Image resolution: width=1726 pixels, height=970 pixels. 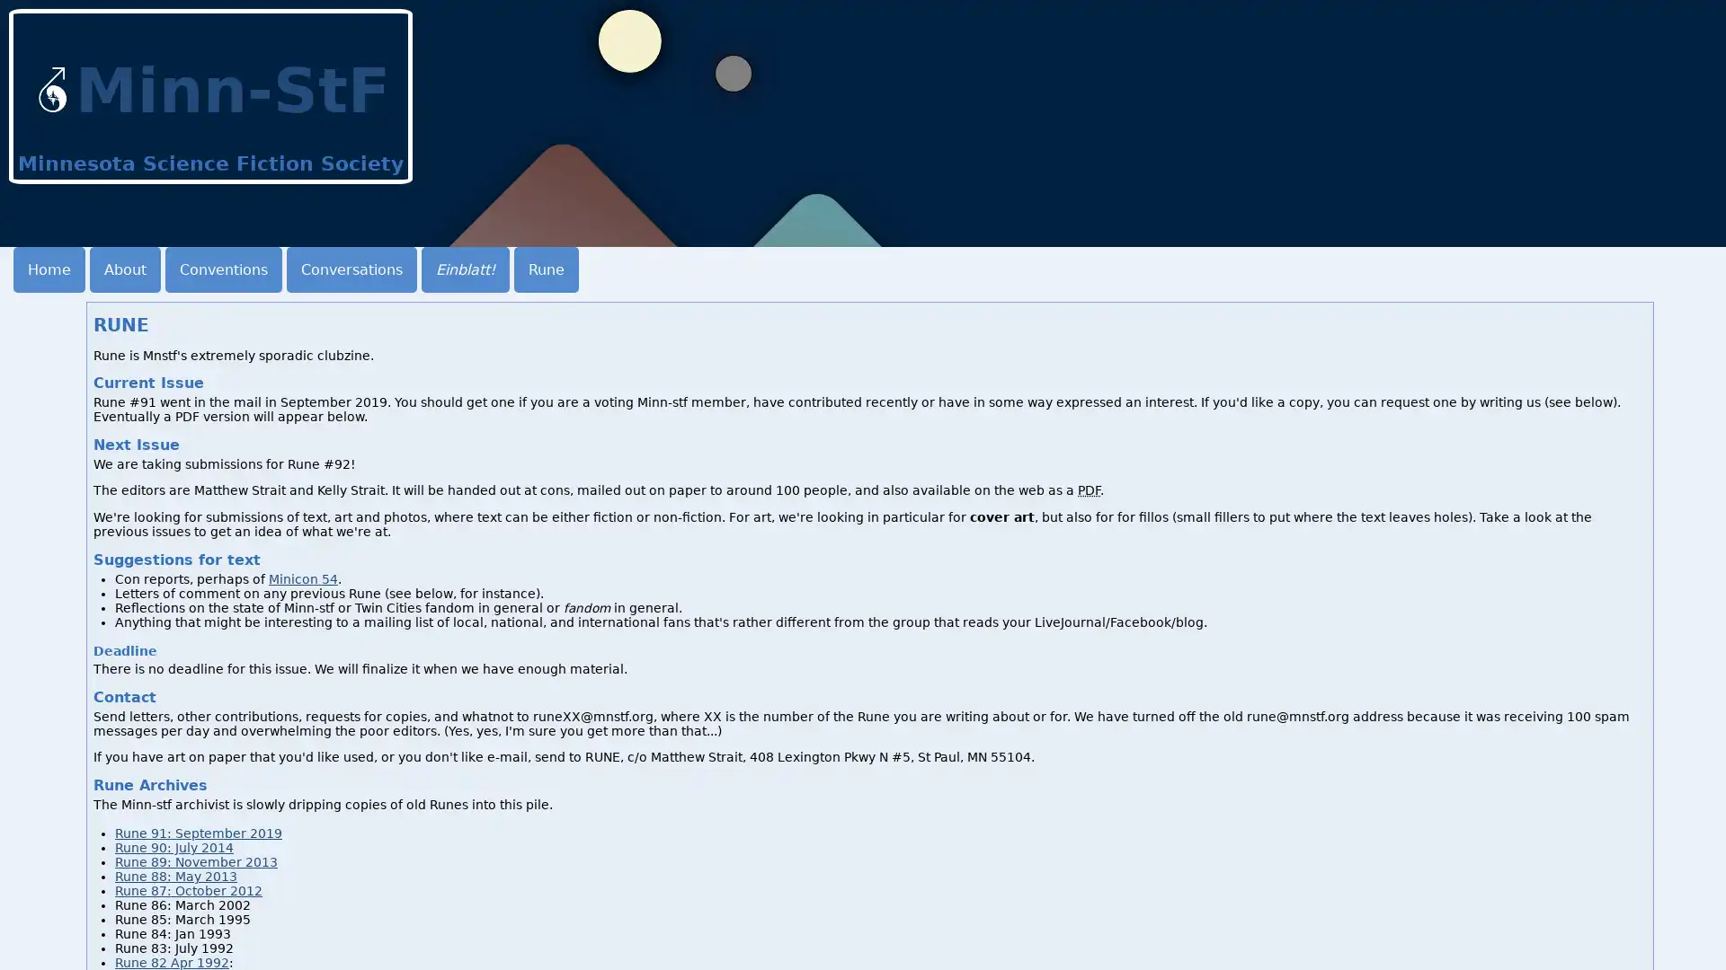 What do you see at coordinates (466, 269) in the screenshot?
I see `Einblatt!` at bounding box center [466, 269].